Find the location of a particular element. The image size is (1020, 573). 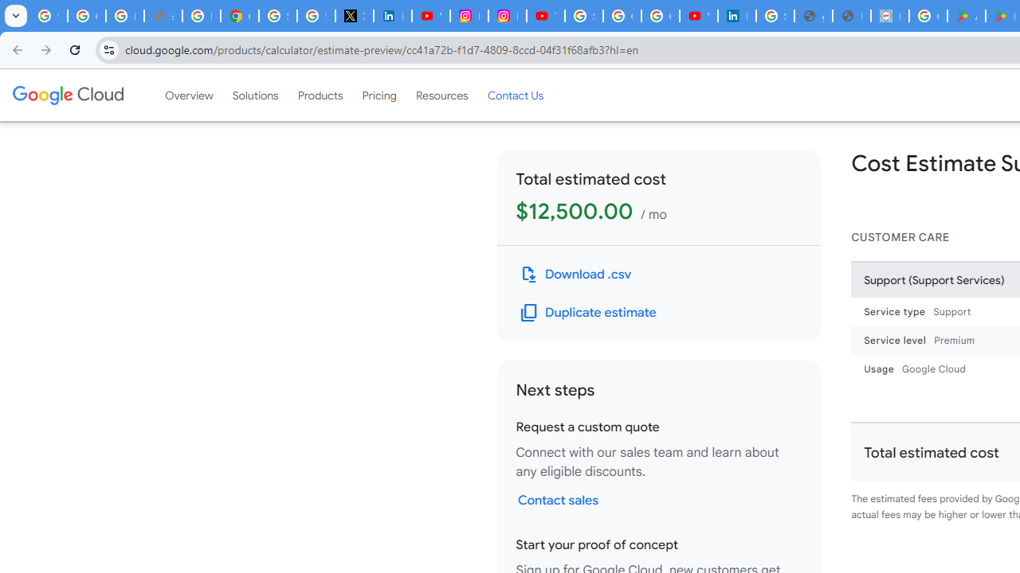

'Solutions' is located at coordinates (255, 95).